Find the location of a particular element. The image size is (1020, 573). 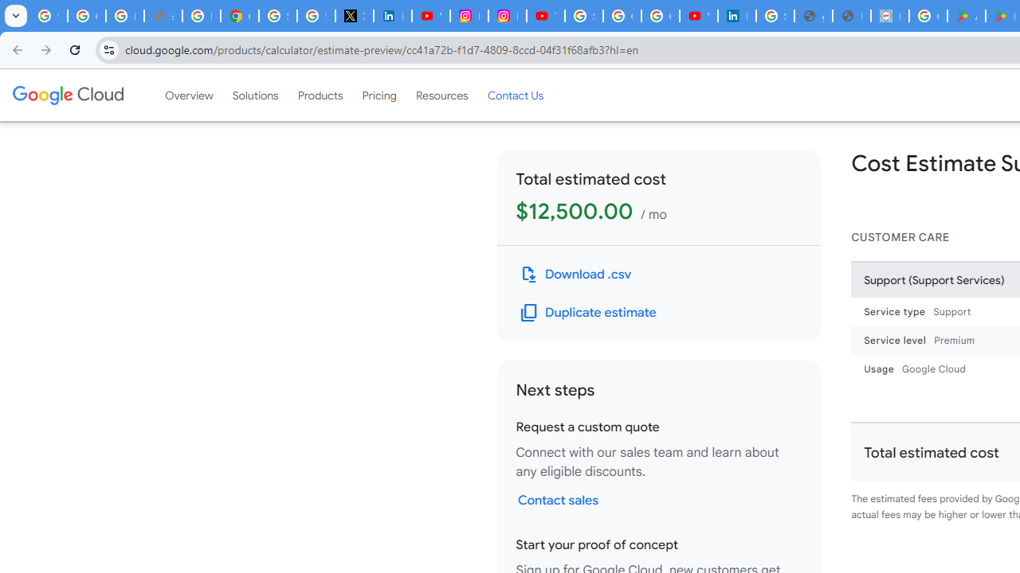

'Solutions' is located at coordinates (255, 95).